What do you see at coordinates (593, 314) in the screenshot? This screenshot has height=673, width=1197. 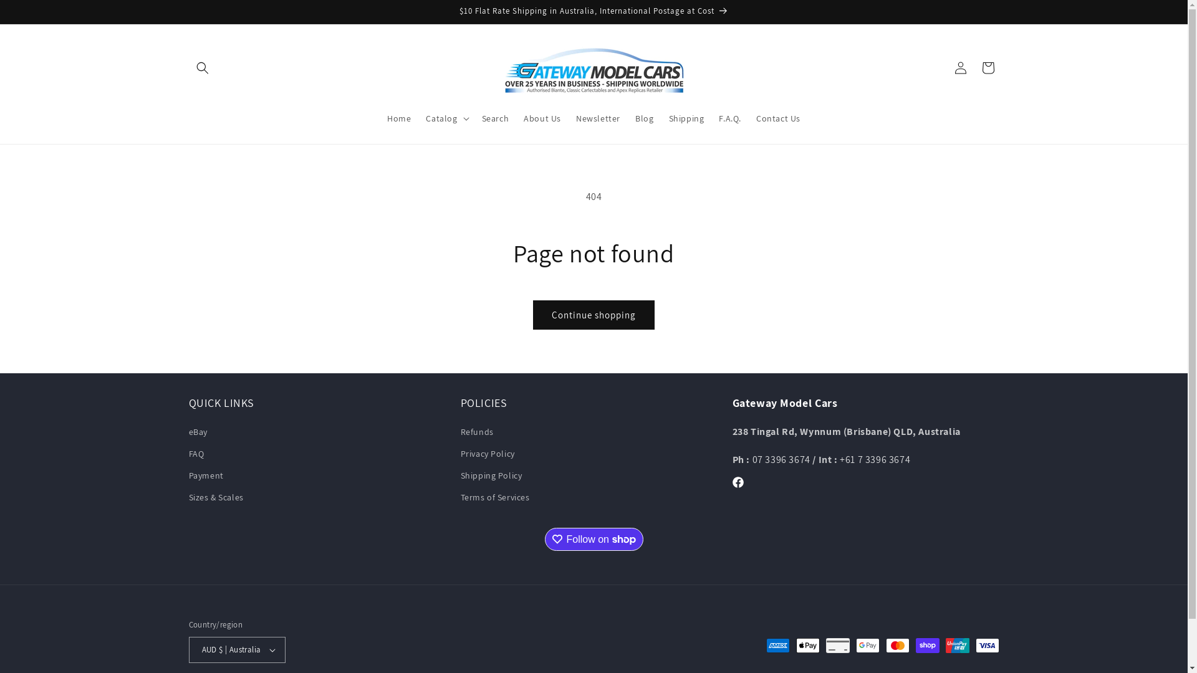 I see `'Continue shopping'` at bounding box center [593, 314].